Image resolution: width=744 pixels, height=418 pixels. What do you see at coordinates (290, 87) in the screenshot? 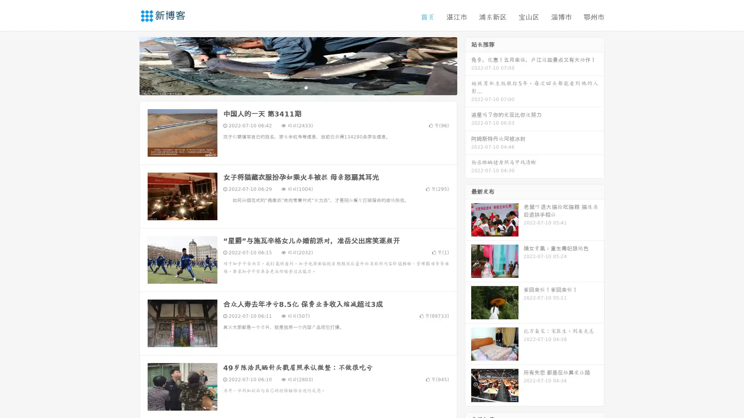
I see `Go to slide 1` at bounding box center [290, 87].